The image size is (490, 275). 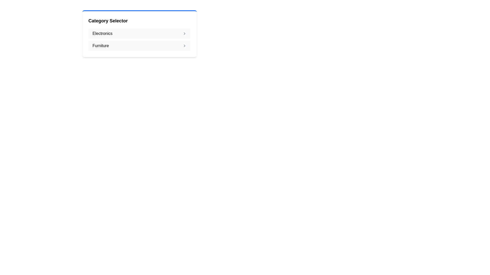 What do you see at coordinates (102, 33) in the screenshot?
I see `the text label for the 'Electronics' category, which is the first item in a vertically arranged list of categories` at bounding box center [102, 33].